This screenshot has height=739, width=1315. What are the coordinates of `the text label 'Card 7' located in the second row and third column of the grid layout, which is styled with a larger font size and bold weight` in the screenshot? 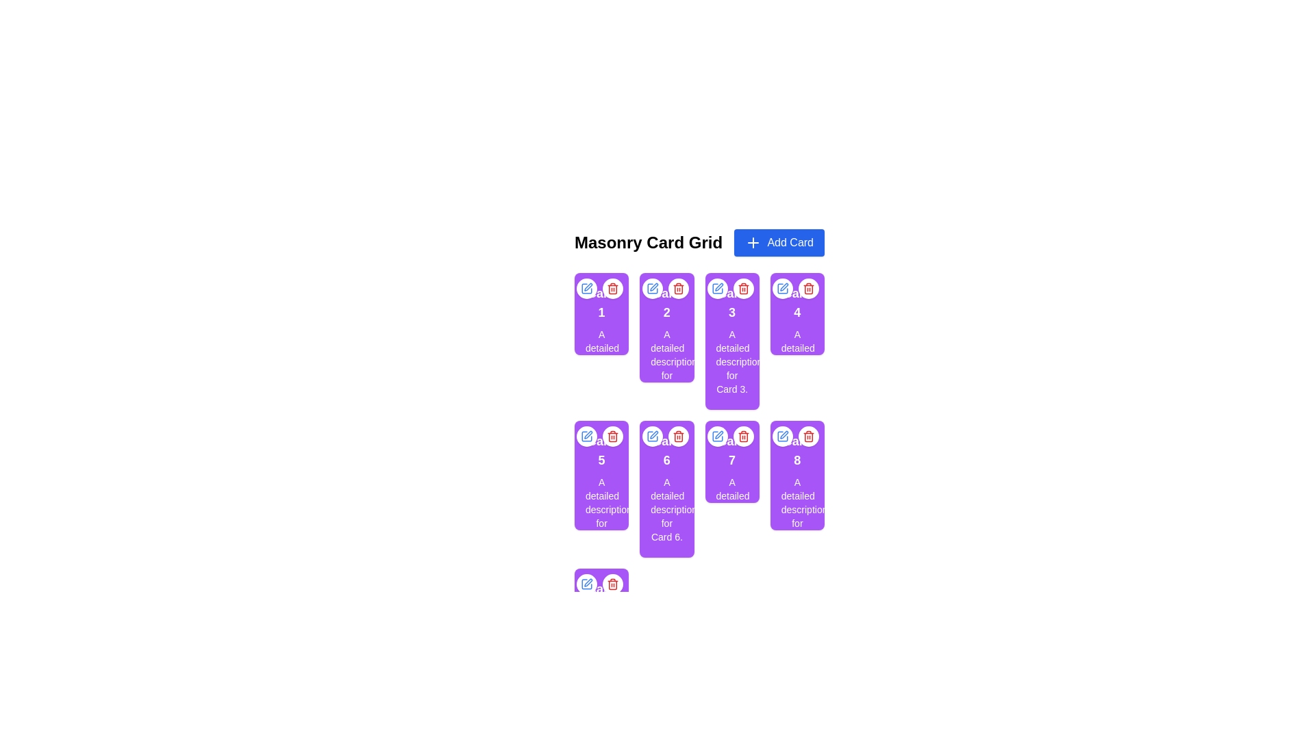 It's located at (731, 451).